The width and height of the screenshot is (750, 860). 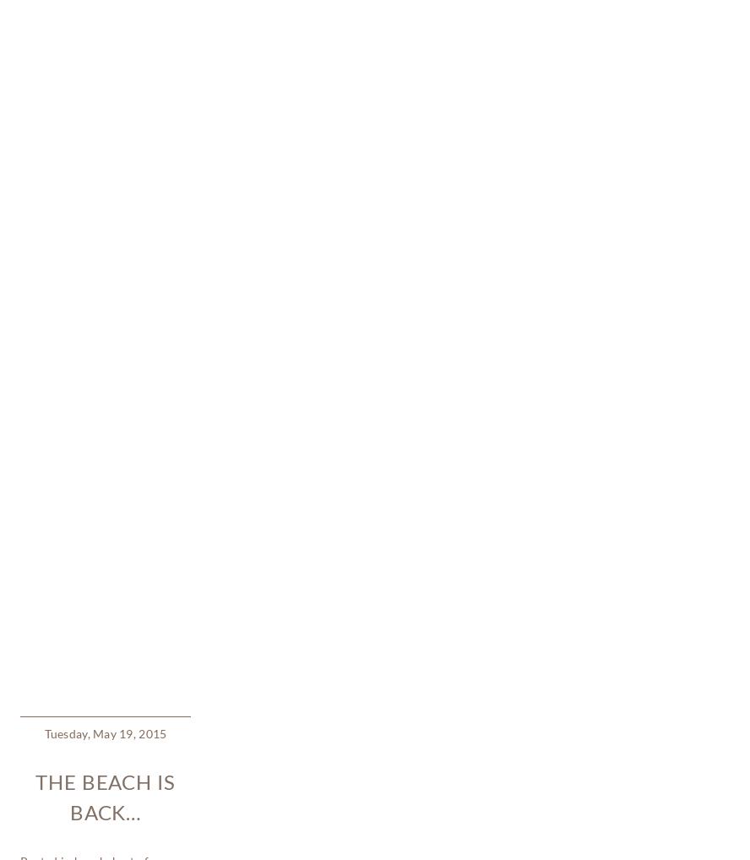 What do you see at coordinates (42, 370) in the screenshot?
I see `'children'` at bounding box center [42, 370].